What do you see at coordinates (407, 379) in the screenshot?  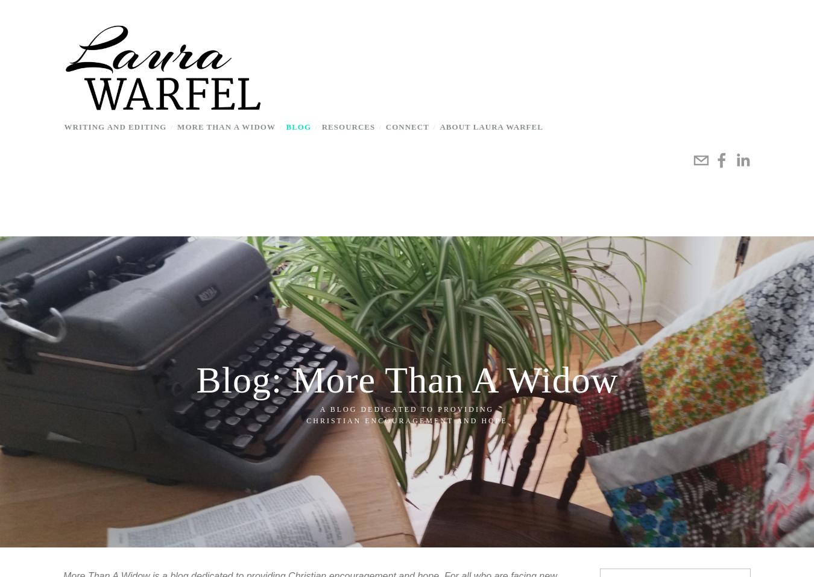 I see `'Blog: More Than A Widow'` at bounding box center [407, 379].